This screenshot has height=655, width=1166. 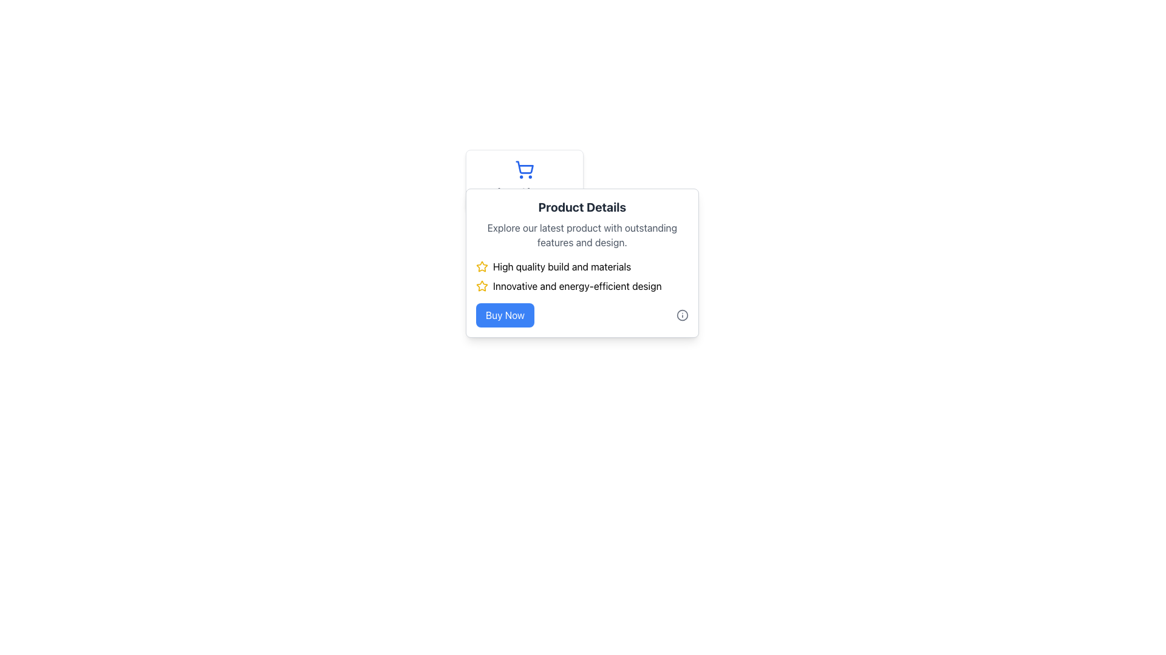 I want to click on the shopping cart icon located at the center-top of the 'Product Details' card, so click(x=525, y=180).